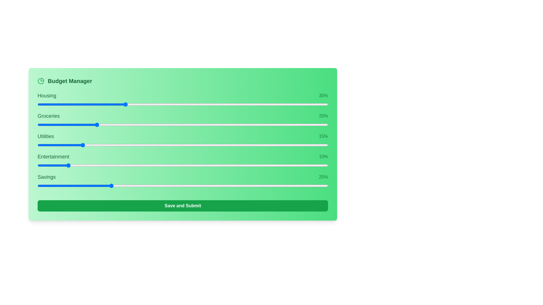  What do you see at coordinates (259, 145) in the screenshot?
I see `the slider for 2 to 53% allocation` at bounding box center [259, 145].